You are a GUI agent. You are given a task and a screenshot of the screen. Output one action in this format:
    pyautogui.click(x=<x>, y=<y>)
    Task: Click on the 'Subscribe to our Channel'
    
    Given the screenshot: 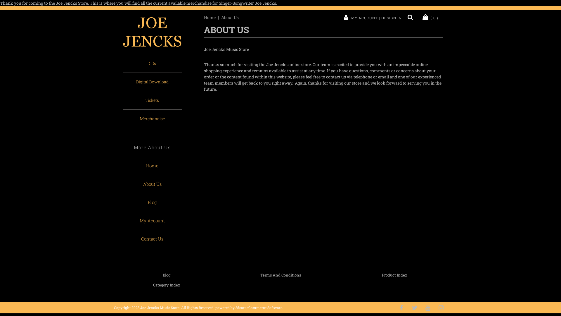 What is the action you would take?
    pyautogui.click(x=428, y=307)
    